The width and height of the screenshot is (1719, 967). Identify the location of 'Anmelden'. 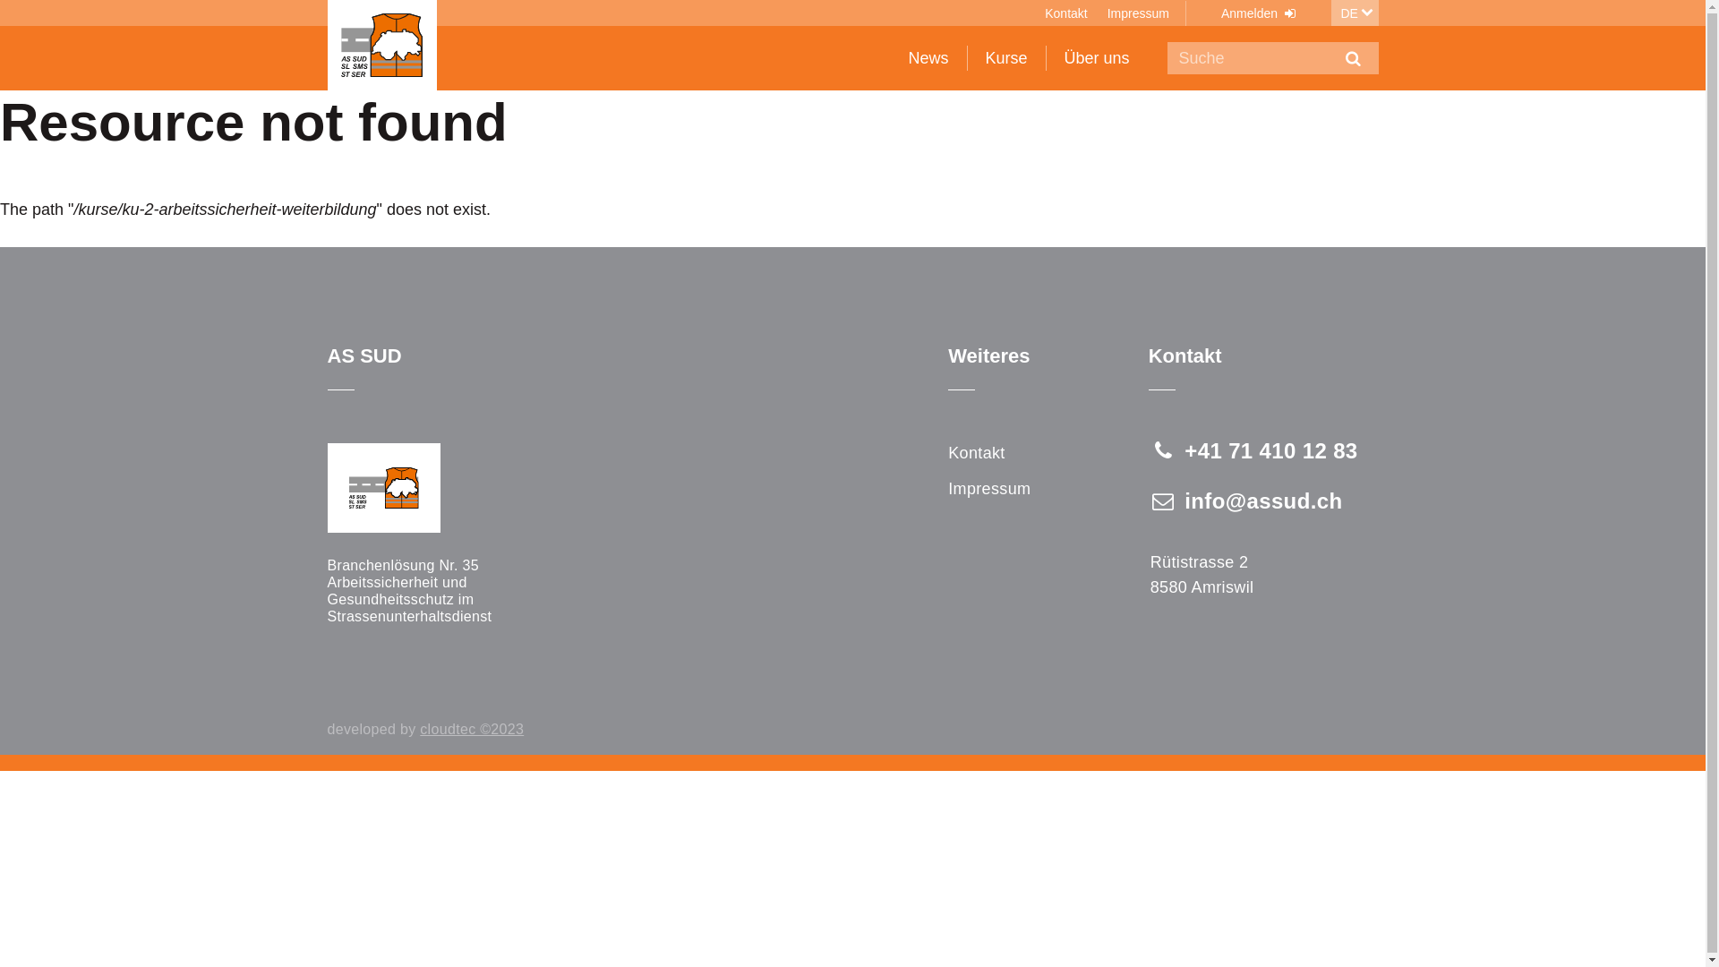
(1219, 13).